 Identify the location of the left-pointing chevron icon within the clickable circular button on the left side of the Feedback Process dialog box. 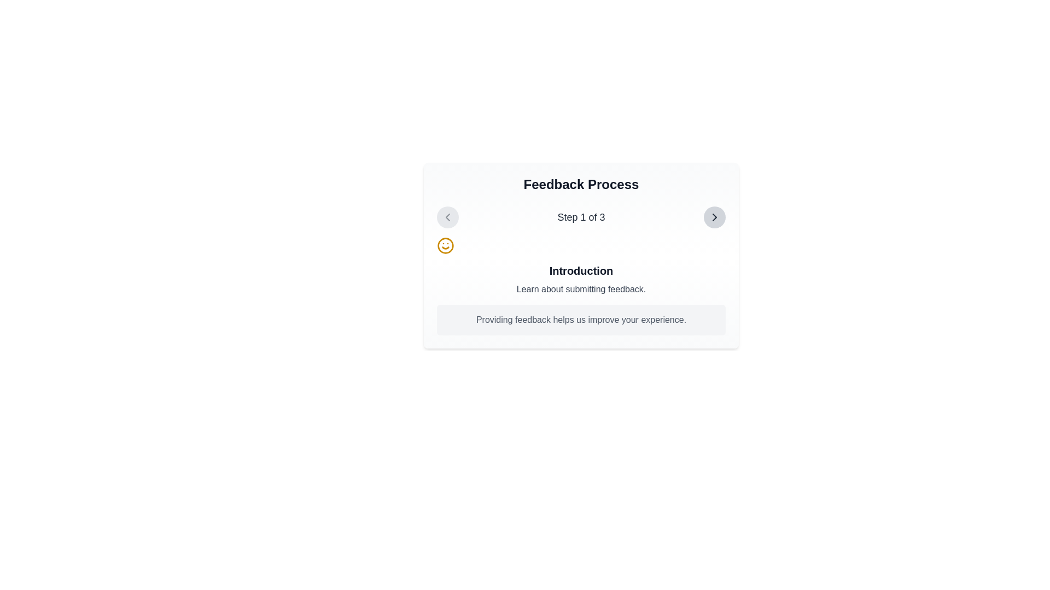
(448, 217).